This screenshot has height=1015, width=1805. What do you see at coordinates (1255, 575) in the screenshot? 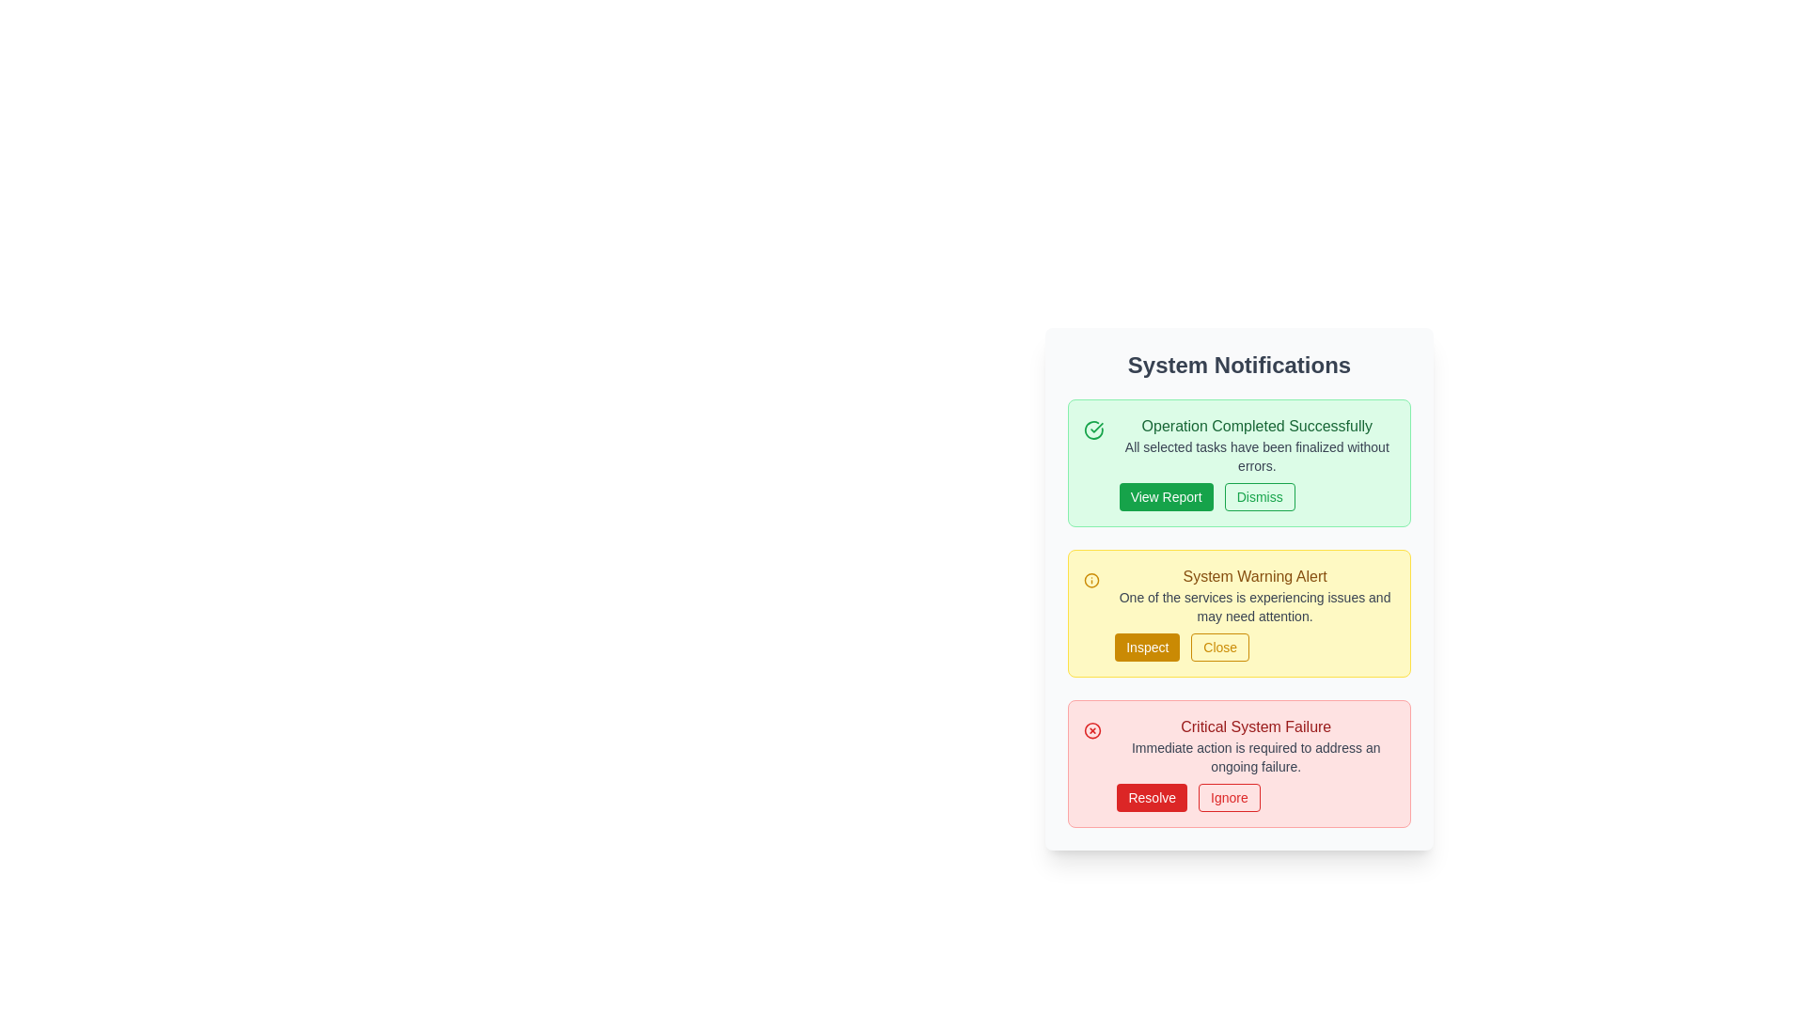
I see `the static text label that reads 'System Warning Alert' located at the top of the second notification card in the 'System Notifications' panel` at bounding box center [1255, 575].